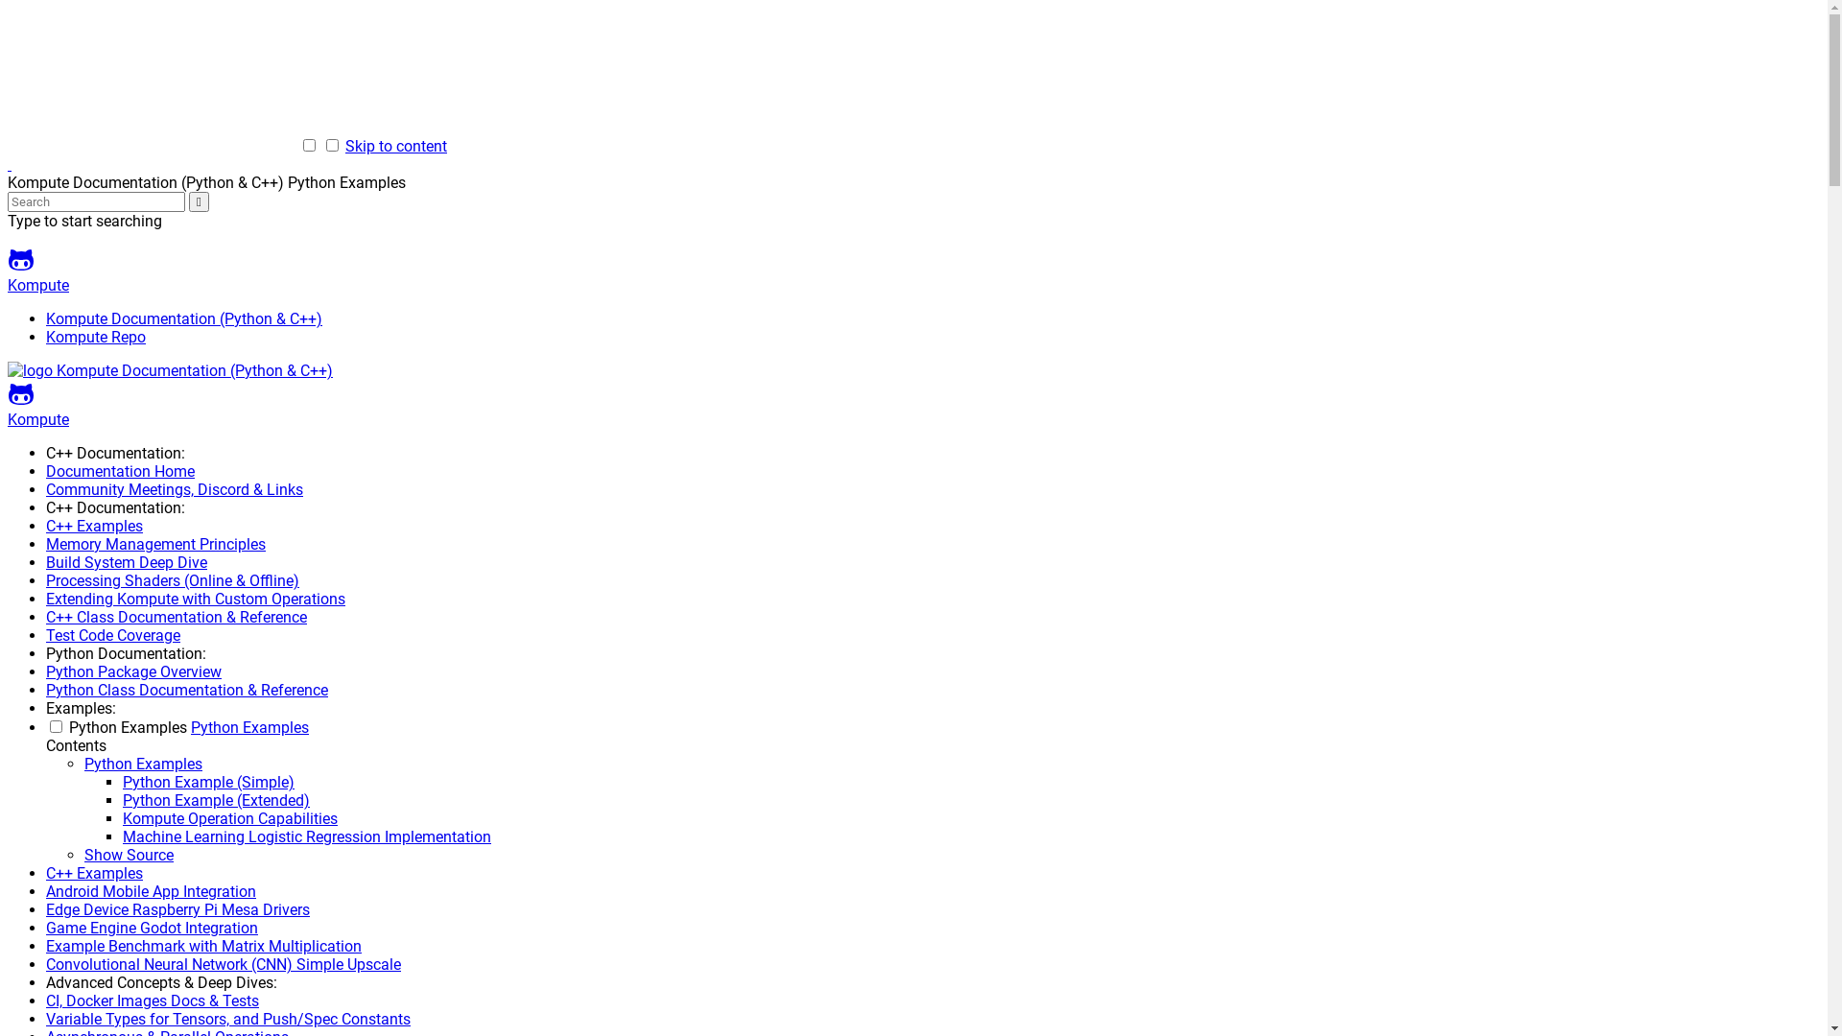 This screenshot has width=1842, height=1036. Describe the element at coordinates (248, 727) in the screenshot. I see `'Python Examples'` at that location.